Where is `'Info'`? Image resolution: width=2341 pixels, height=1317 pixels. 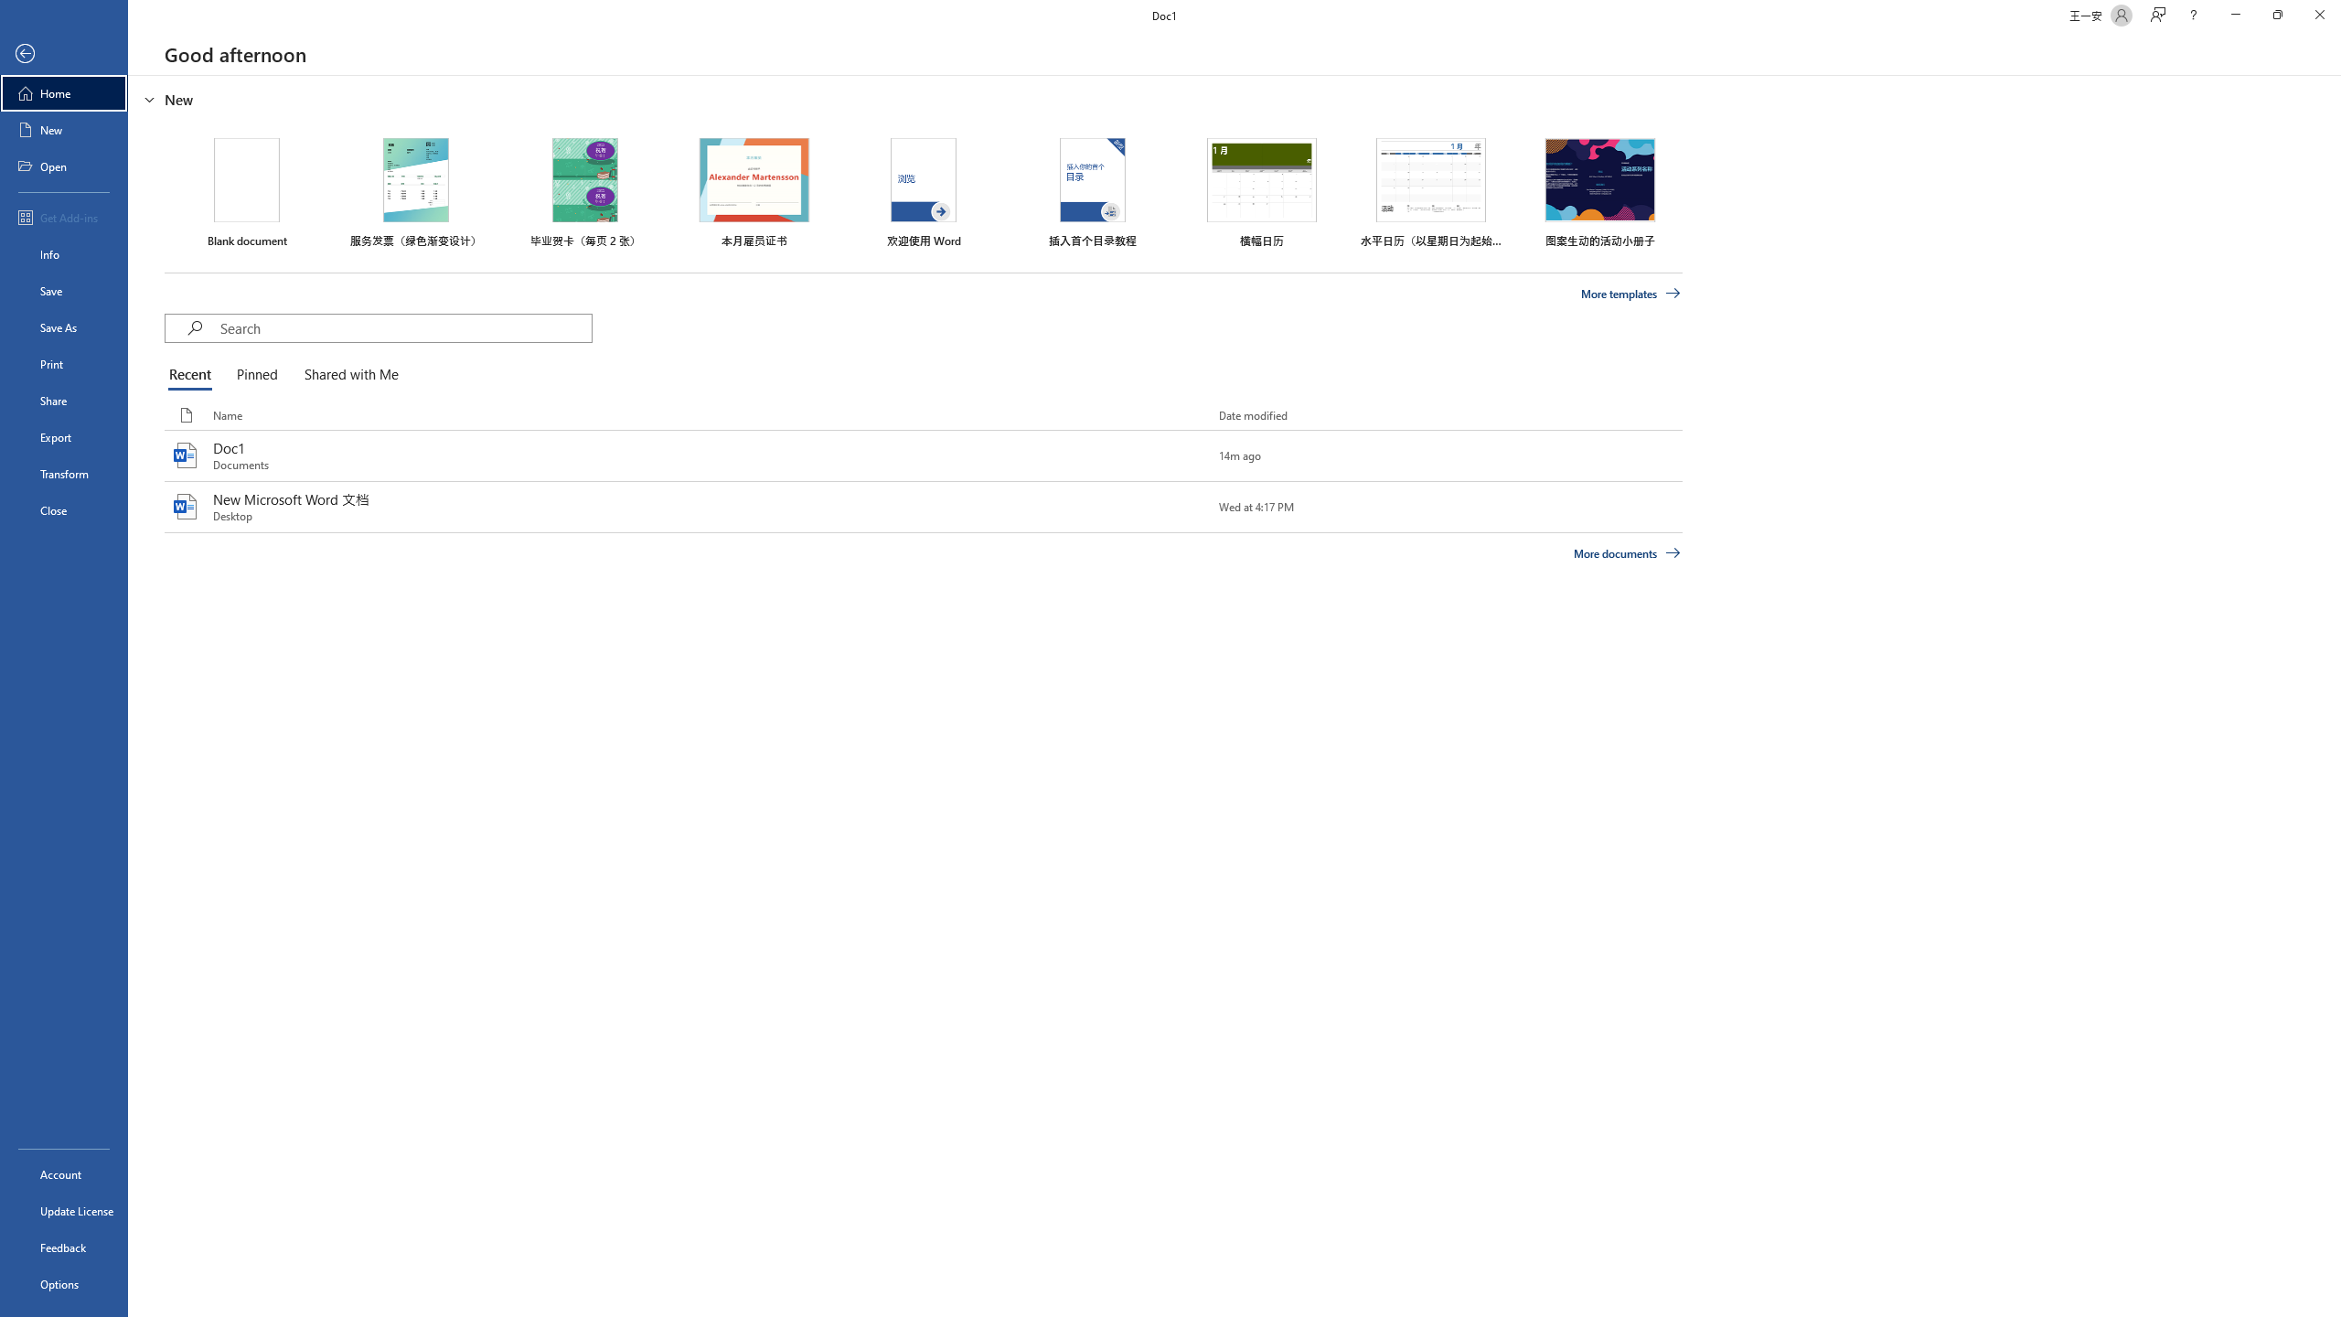 'Info' is located at coordinates (63, 252).